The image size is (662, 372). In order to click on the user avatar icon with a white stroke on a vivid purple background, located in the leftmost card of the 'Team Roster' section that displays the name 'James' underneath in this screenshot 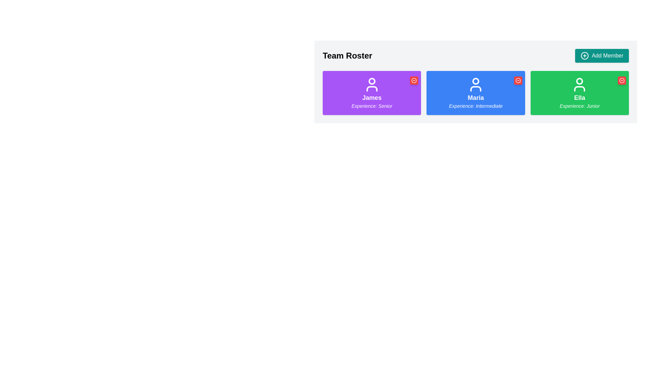, I will do `click(371, 84)`.